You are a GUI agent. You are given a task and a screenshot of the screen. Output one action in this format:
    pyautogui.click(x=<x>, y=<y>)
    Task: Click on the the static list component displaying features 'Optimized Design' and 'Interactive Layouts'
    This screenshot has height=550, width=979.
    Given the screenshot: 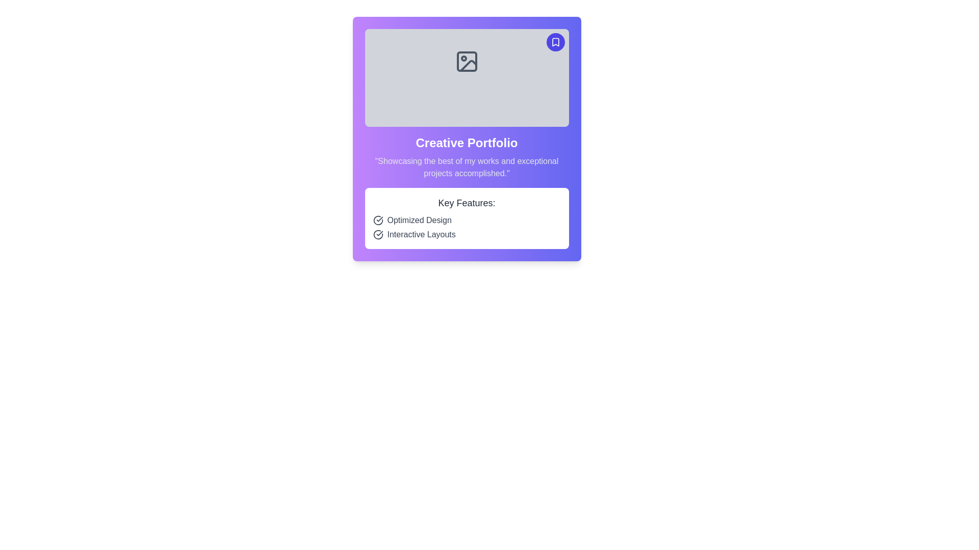 What is the action you would take?
    pyautogui.click(x=466, y=227)
    